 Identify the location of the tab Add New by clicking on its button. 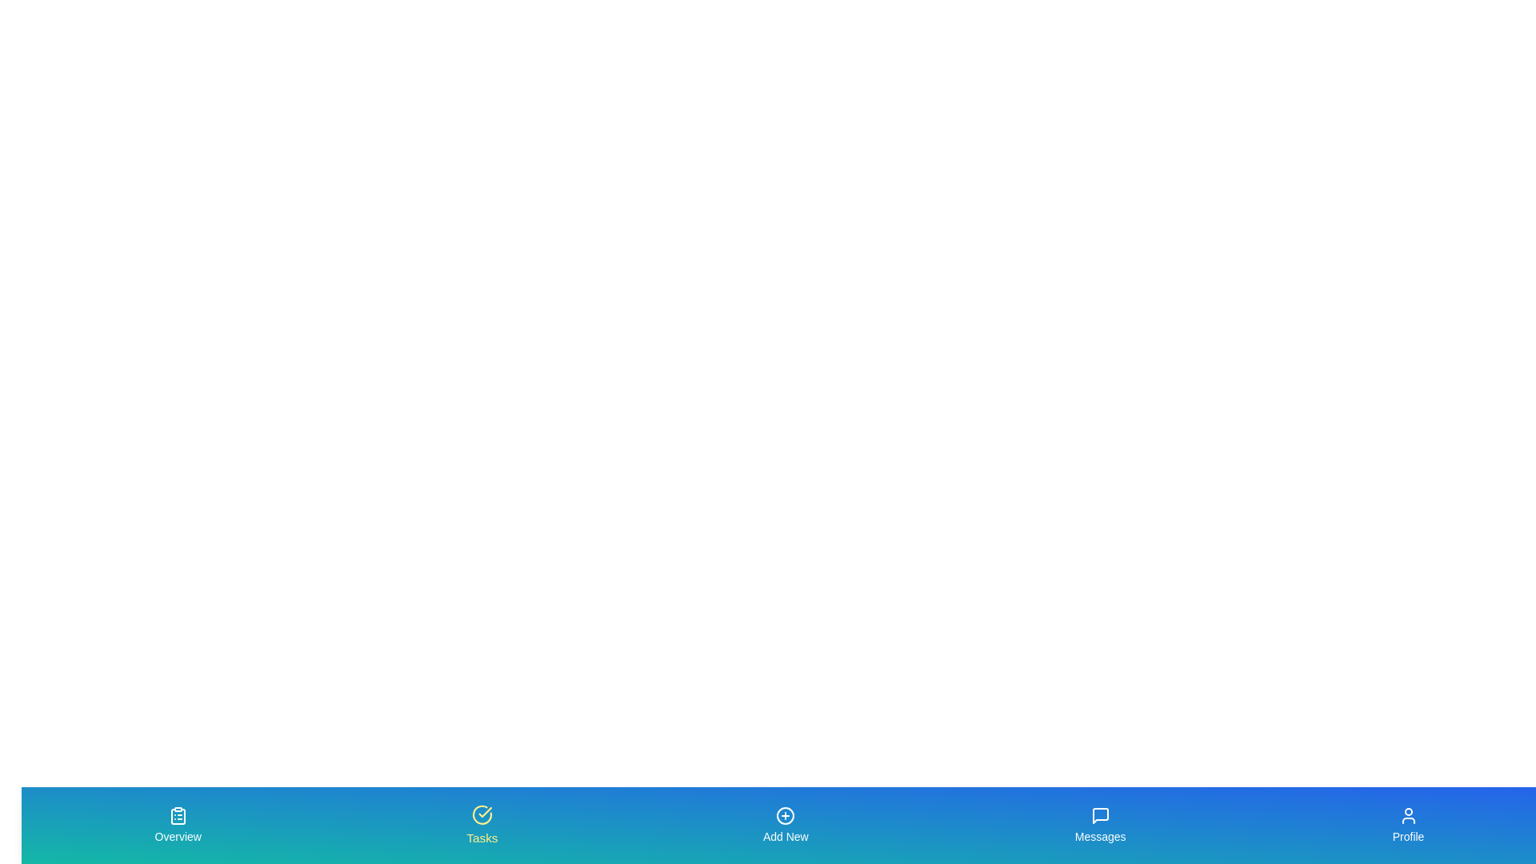
(786, 826).